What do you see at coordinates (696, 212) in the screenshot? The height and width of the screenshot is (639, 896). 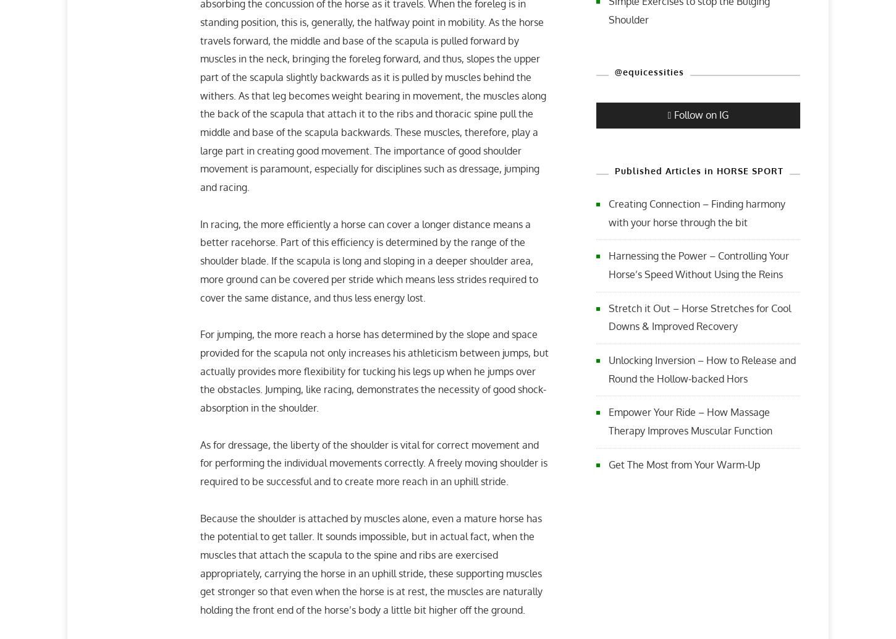 I see `'Creating Connection – Finding harmony with your horse through the bit'` at bounding box center [696, 212].